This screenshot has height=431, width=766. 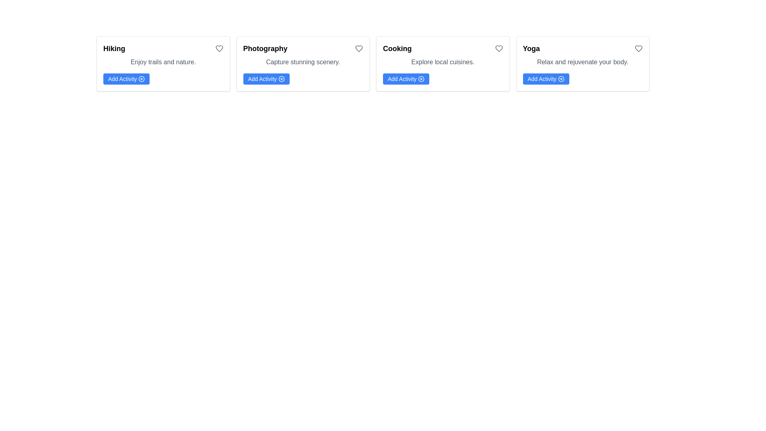 What do you see at coordinates (397, 49) in the screenshot?
I see `prominent 'Cooking' text element, which is the title of the third card in a horizontally aligned list of cards` at bounding box center [397, 49].